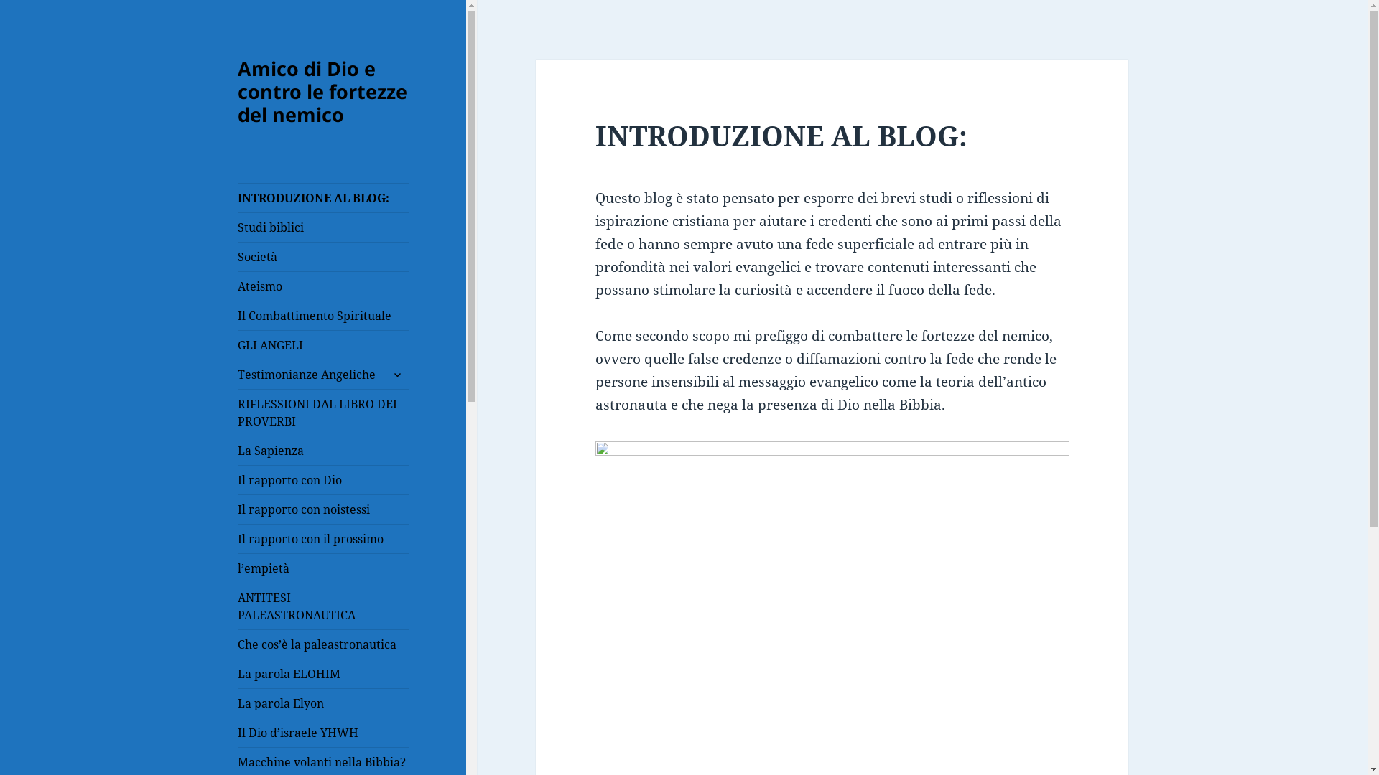 This screenshot has height=775, width=1379. What do you see at coordinates (322, 373) in the screenshot?
I see `'Testimonianze Angeliche'` at bounding box center [322, 373].